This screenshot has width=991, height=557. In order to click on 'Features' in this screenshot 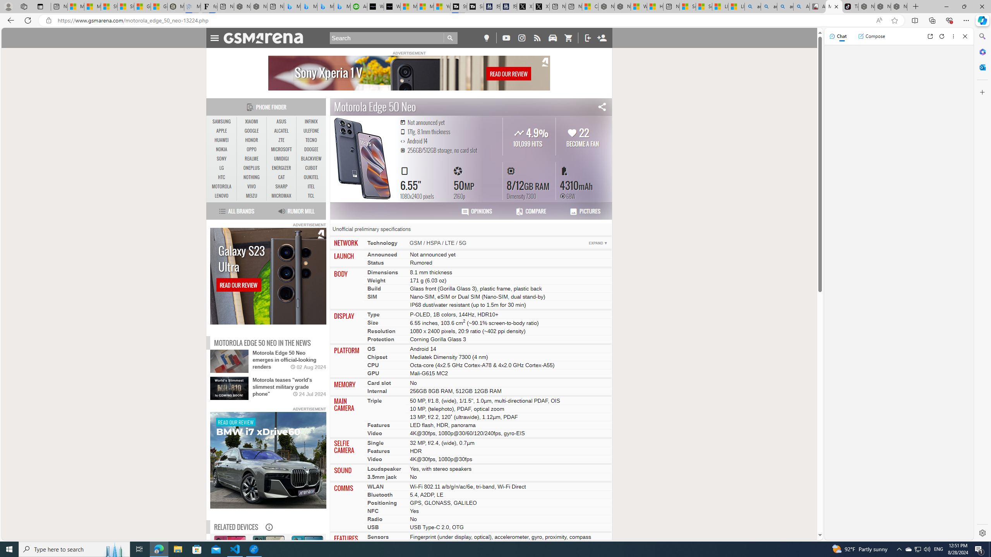, I will do `click(379, 450)`.